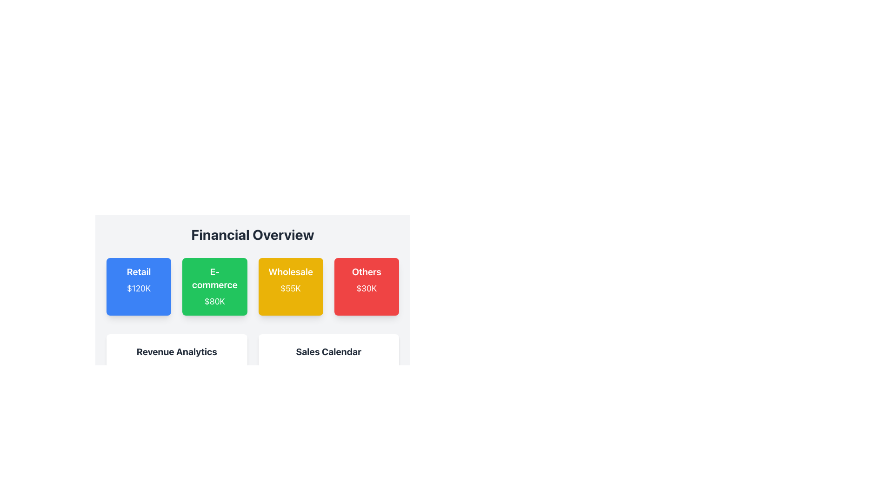  What do you see at coordinates (138, 288) in the screenshot?
I see `the Text label indicating the financial value of $120,000 in the 'Retail' category, located in the bottom part of the blue rectangular section labeled 'Retail'` at bounding box center [138, 288].